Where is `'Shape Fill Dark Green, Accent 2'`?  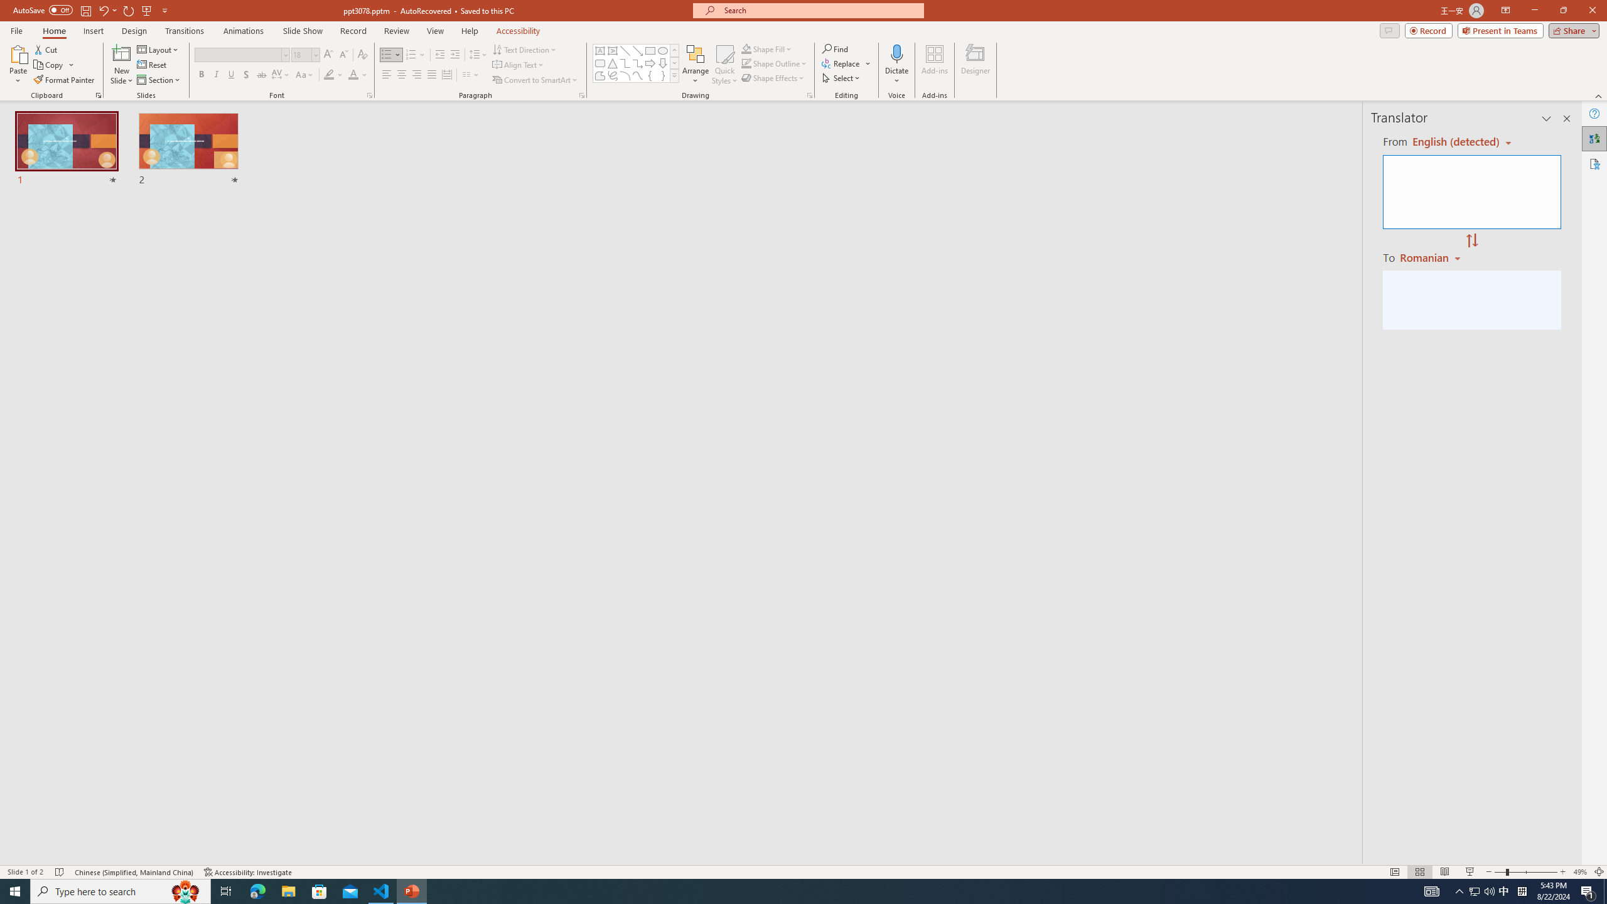
'Shape Fill Dark Green, Accent 2' is located at coordinates (746, 48).